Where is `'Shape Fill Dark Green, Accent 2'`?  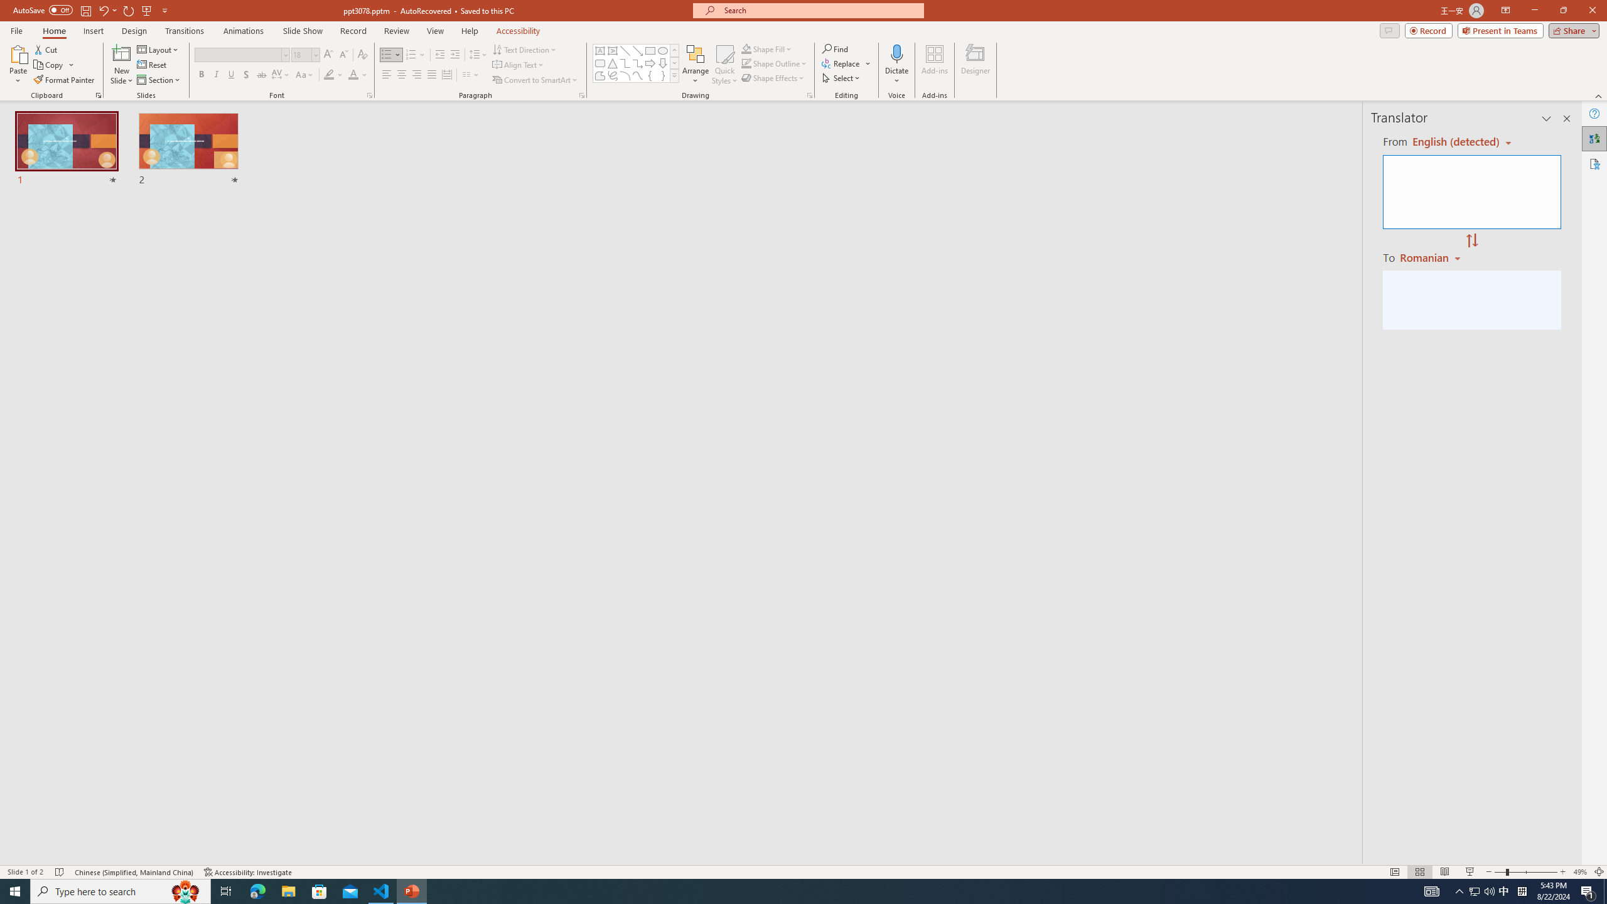
'Shape Fill Dark Green, Accent 2' is located at coordinates (746, 48).